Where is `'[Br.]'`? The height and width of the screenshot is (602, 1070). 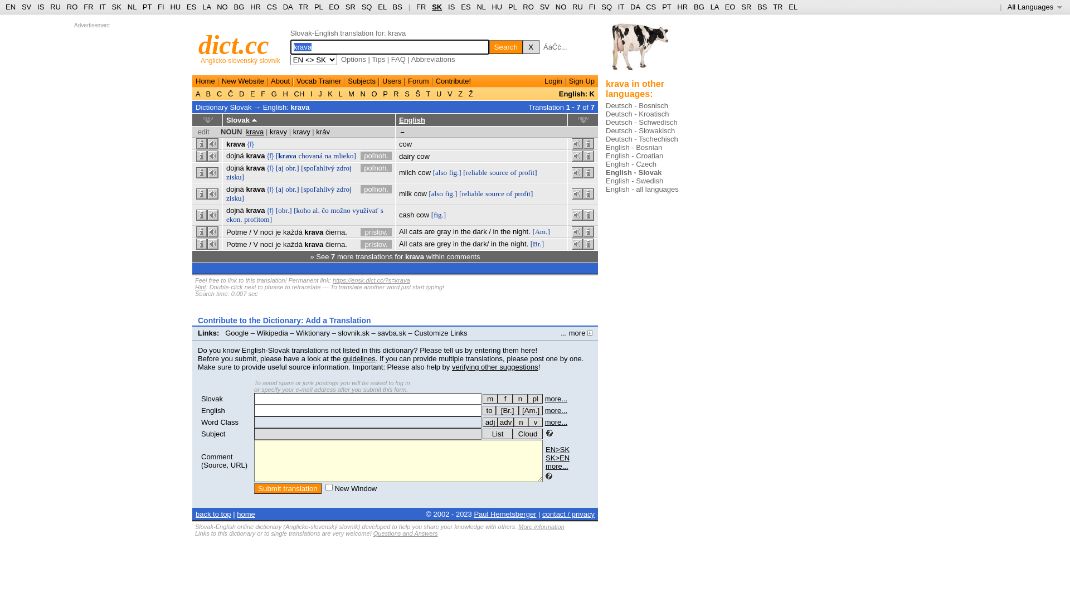
'[Br.]' is located at coordinates (537, 243).